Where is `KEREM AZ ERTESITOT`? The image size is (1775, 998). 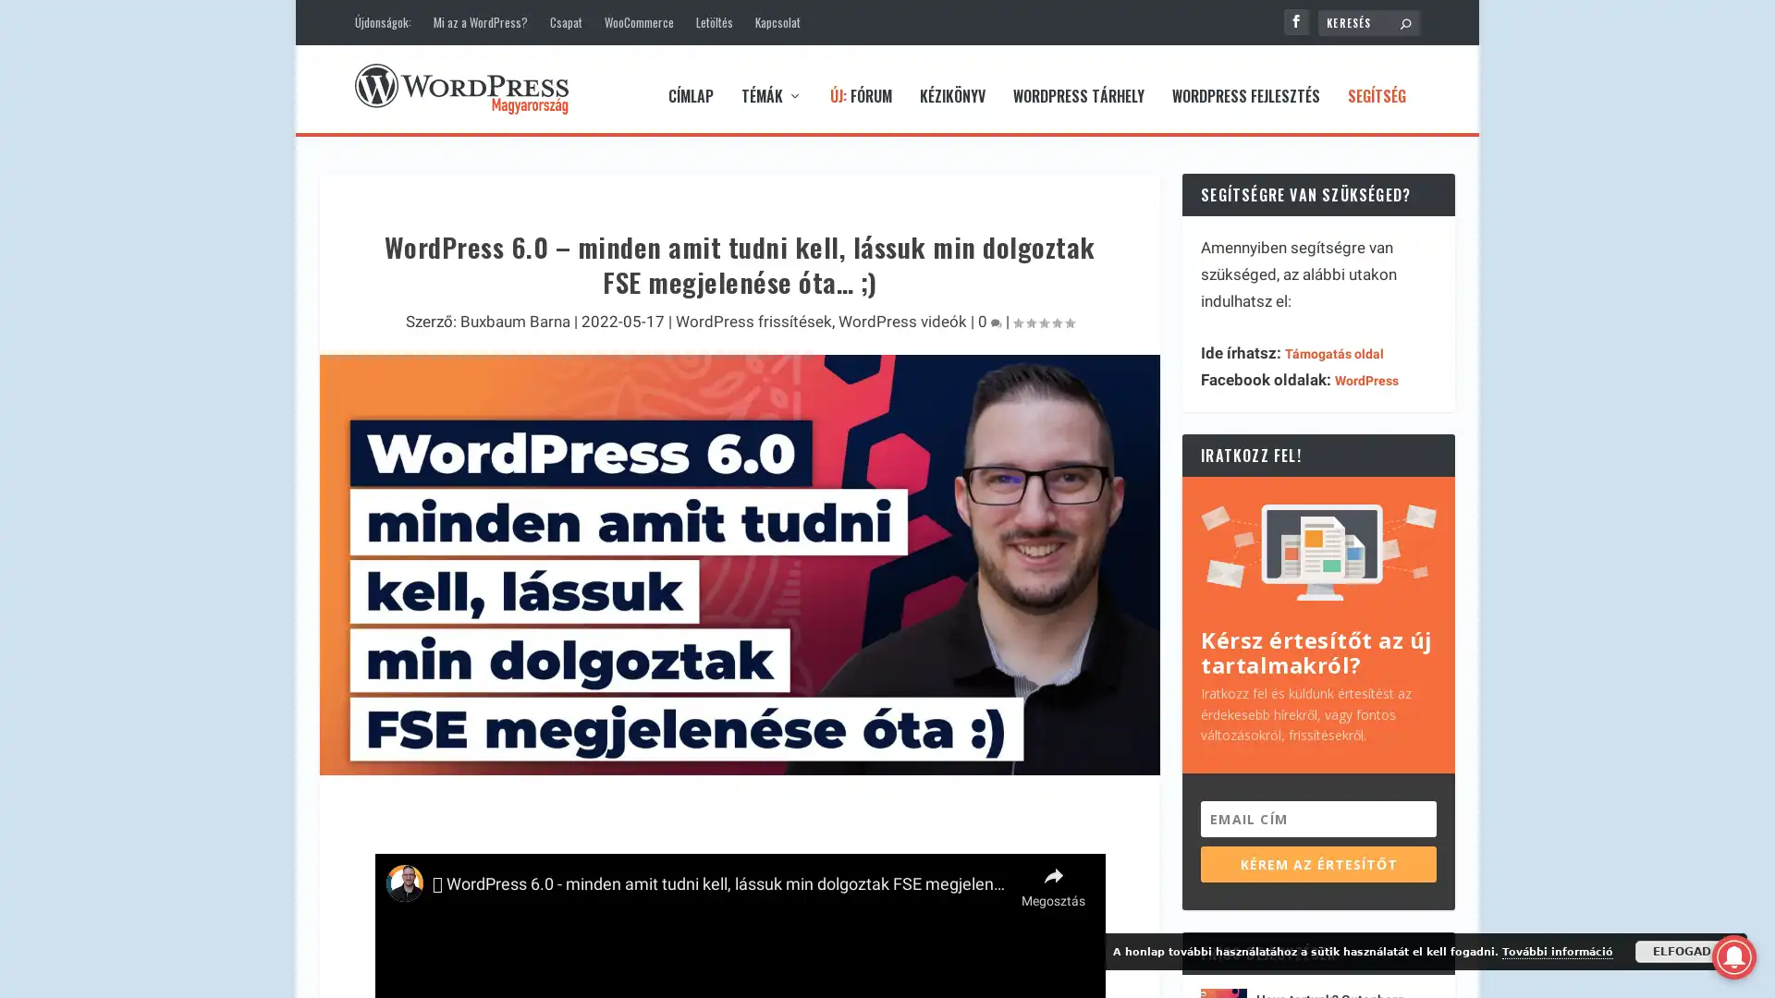
KEREM AZ ERTESITOT is located at coordinates (1317, 849).